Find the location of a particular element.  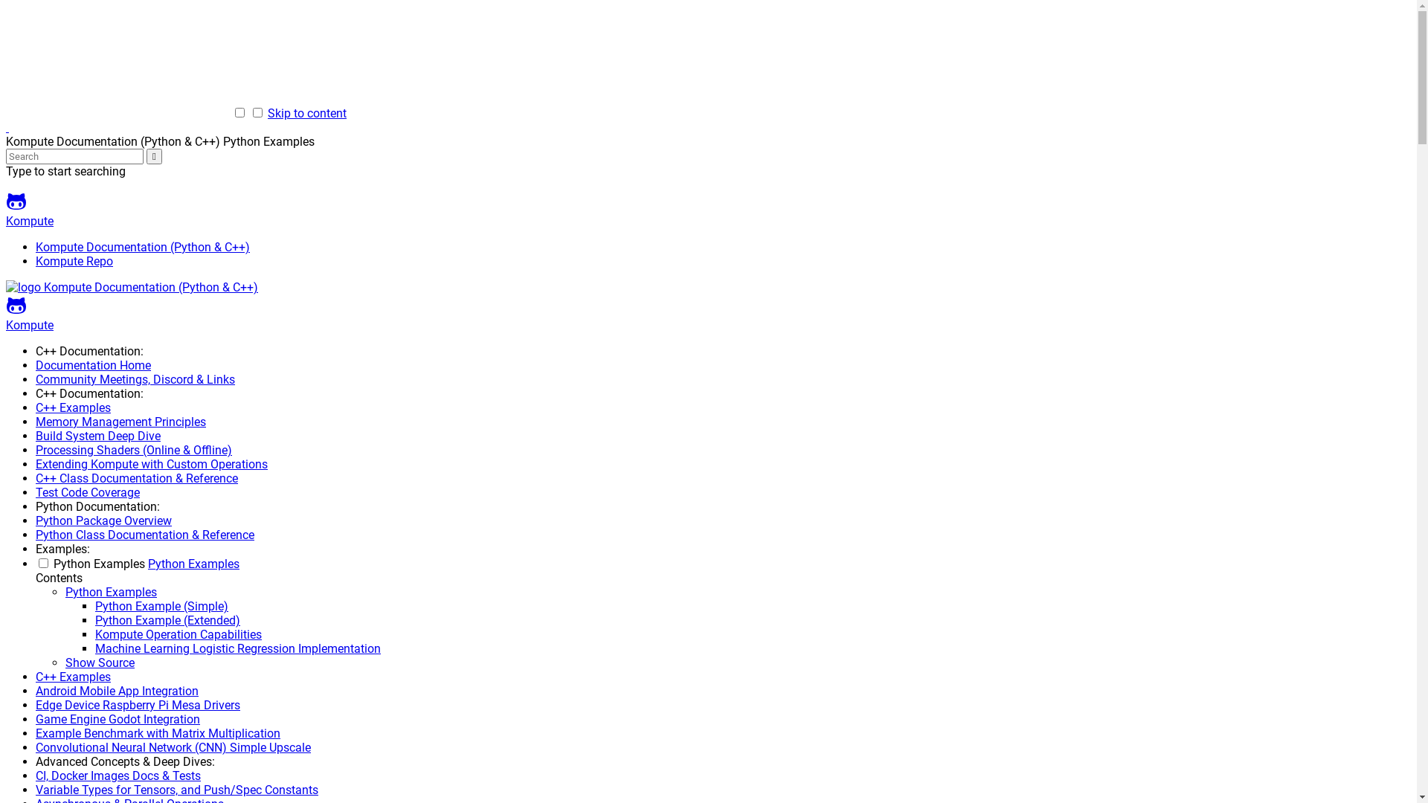

'Python Class Documentation & Reference' is located at coordinates (36, 534).